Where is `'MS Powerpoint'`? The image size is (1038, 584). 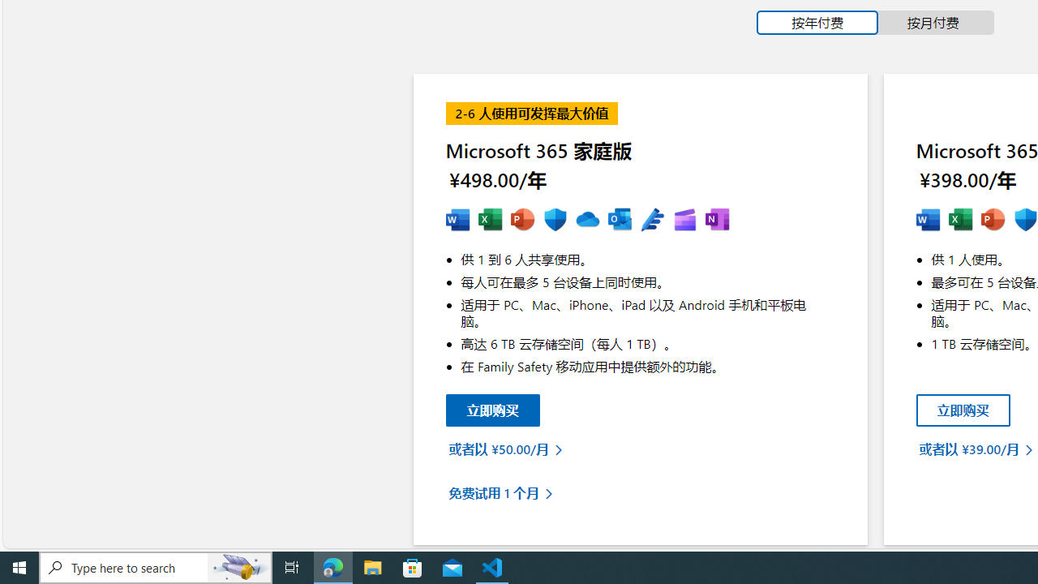
'MS Powerpoint' is located at coordinates (522, 220).